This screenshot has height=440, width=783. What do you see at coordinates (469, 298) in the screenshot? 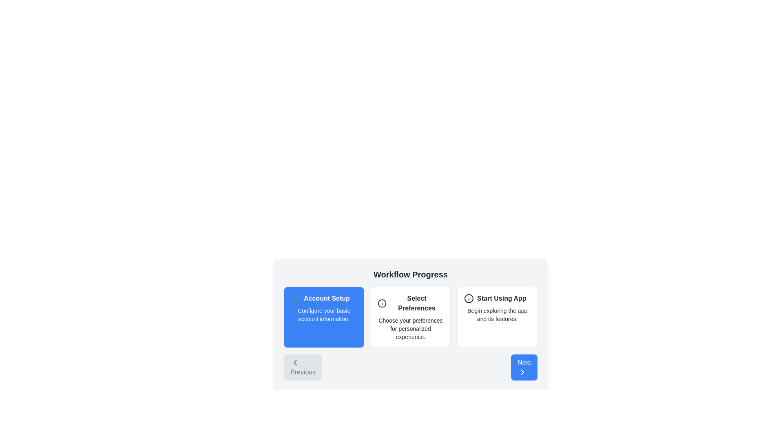
I see `the circular icon with an 'i' inside, located to the left of the 'Start Using App' text in the 'Workflow Progress' interface` at bounding box center [469, 298].